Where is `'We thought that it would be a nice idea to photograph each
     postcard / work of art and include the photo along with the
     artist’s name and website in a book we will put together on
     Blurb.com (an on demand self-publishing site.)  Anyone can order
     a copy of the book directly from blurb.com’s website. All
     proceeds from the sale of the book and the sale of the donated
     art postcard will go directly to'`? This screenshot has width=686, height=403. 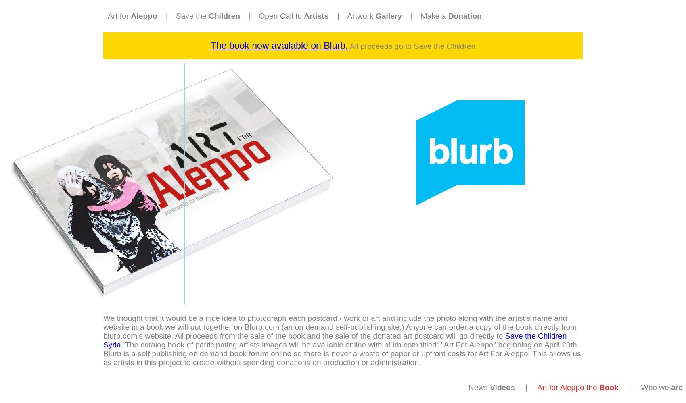
'We thought that it would be a nice idea to photograph each
     postcard / work of art and include the photo along with the
     artist’s name and website in a book we will put together on
     Blurb.com (an on demand self-publishing site.)  Anyone can order
     a copy of the book directly from blurb.com’s website. All
     proceeds from the sale of the book and the sale of the donated
     art postcard will go directly to' is located at coordinates (339, 327).